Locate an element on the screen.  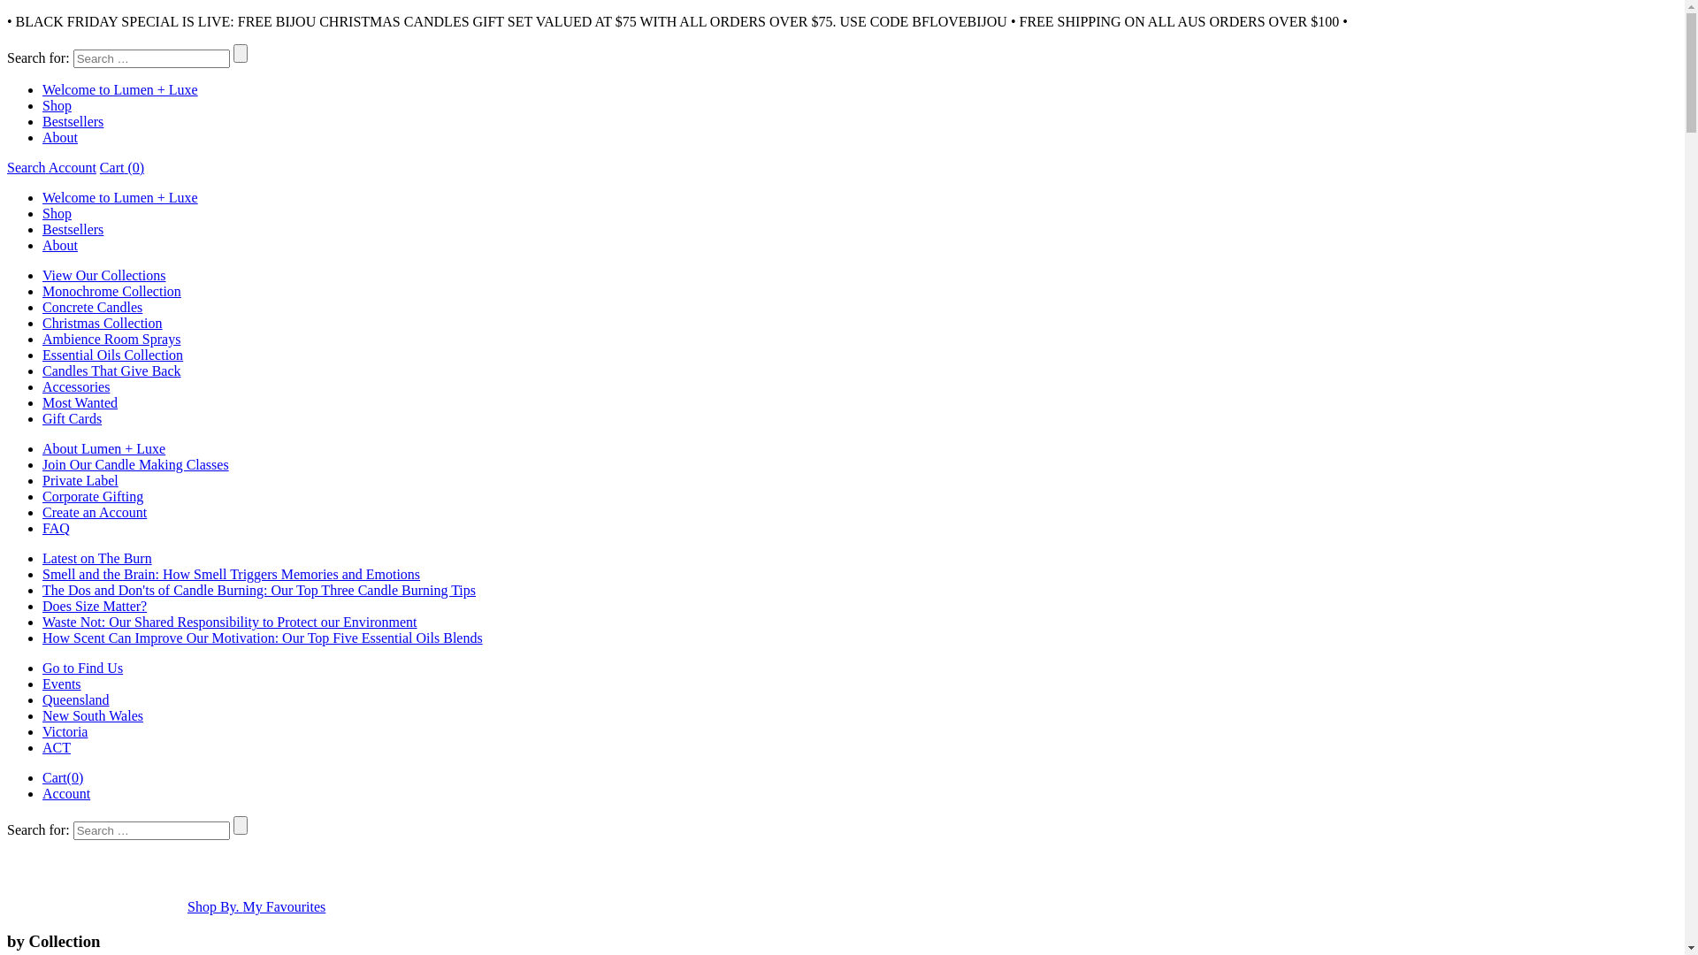
'Concrete Candles' is located at coordinates (91, 306).